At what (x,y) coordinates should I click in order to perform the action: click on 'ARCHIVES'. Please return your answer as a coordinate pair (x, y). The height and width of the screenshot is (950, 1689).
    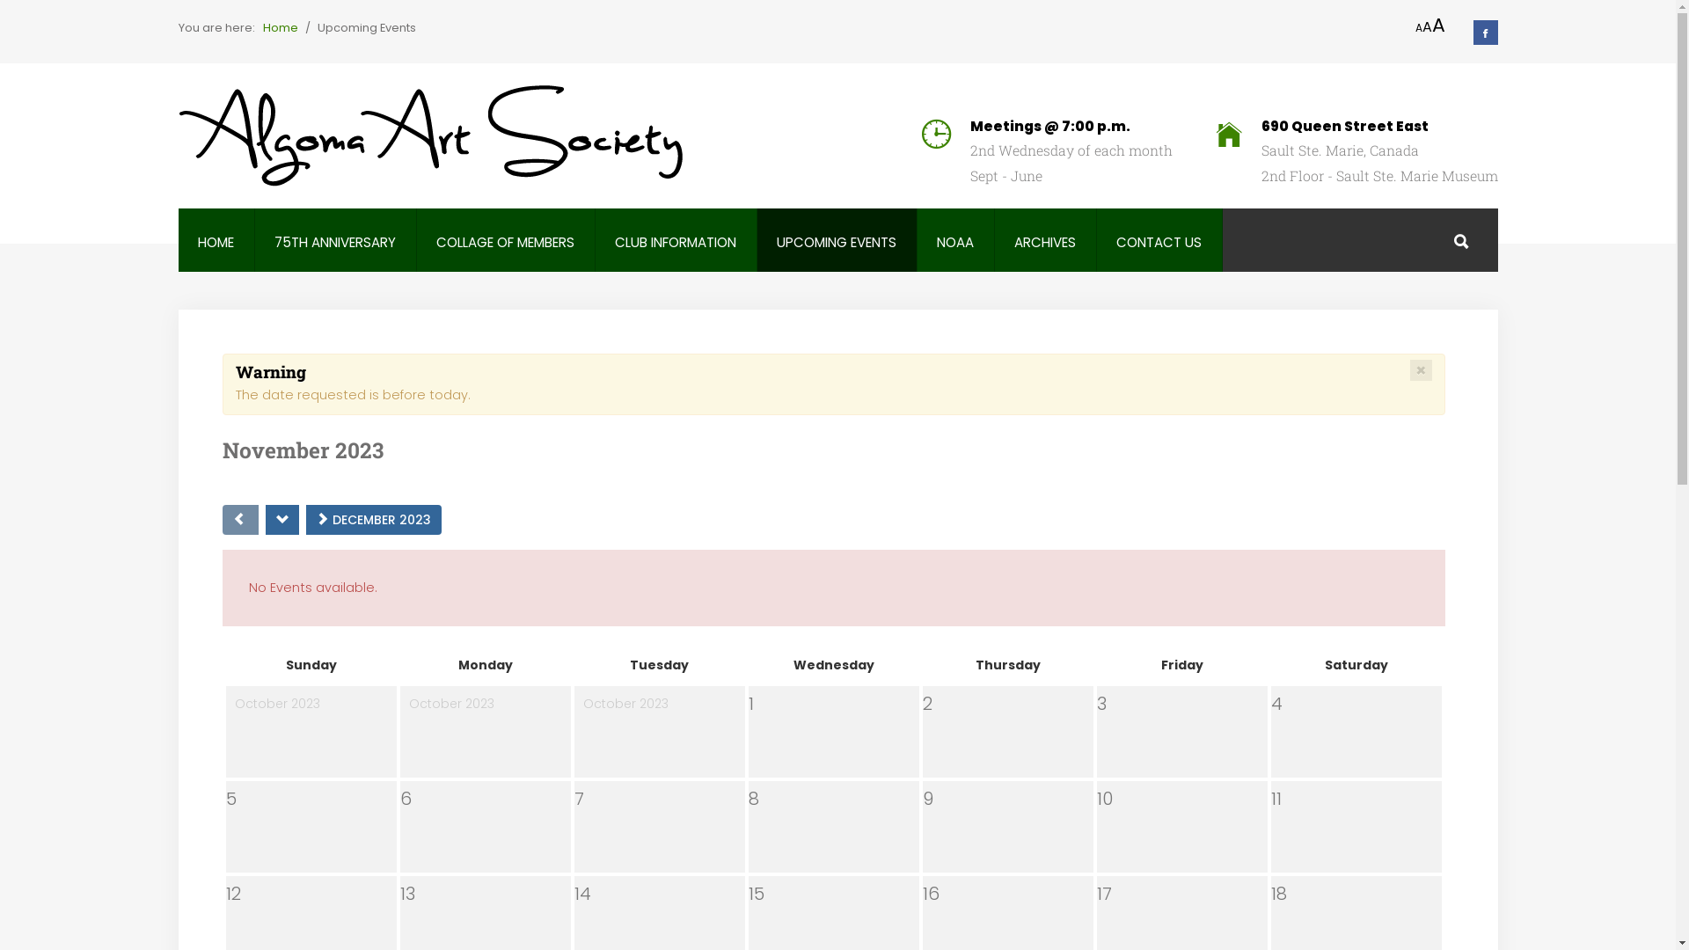
    Looking at the image, I should click on (1044, 242).